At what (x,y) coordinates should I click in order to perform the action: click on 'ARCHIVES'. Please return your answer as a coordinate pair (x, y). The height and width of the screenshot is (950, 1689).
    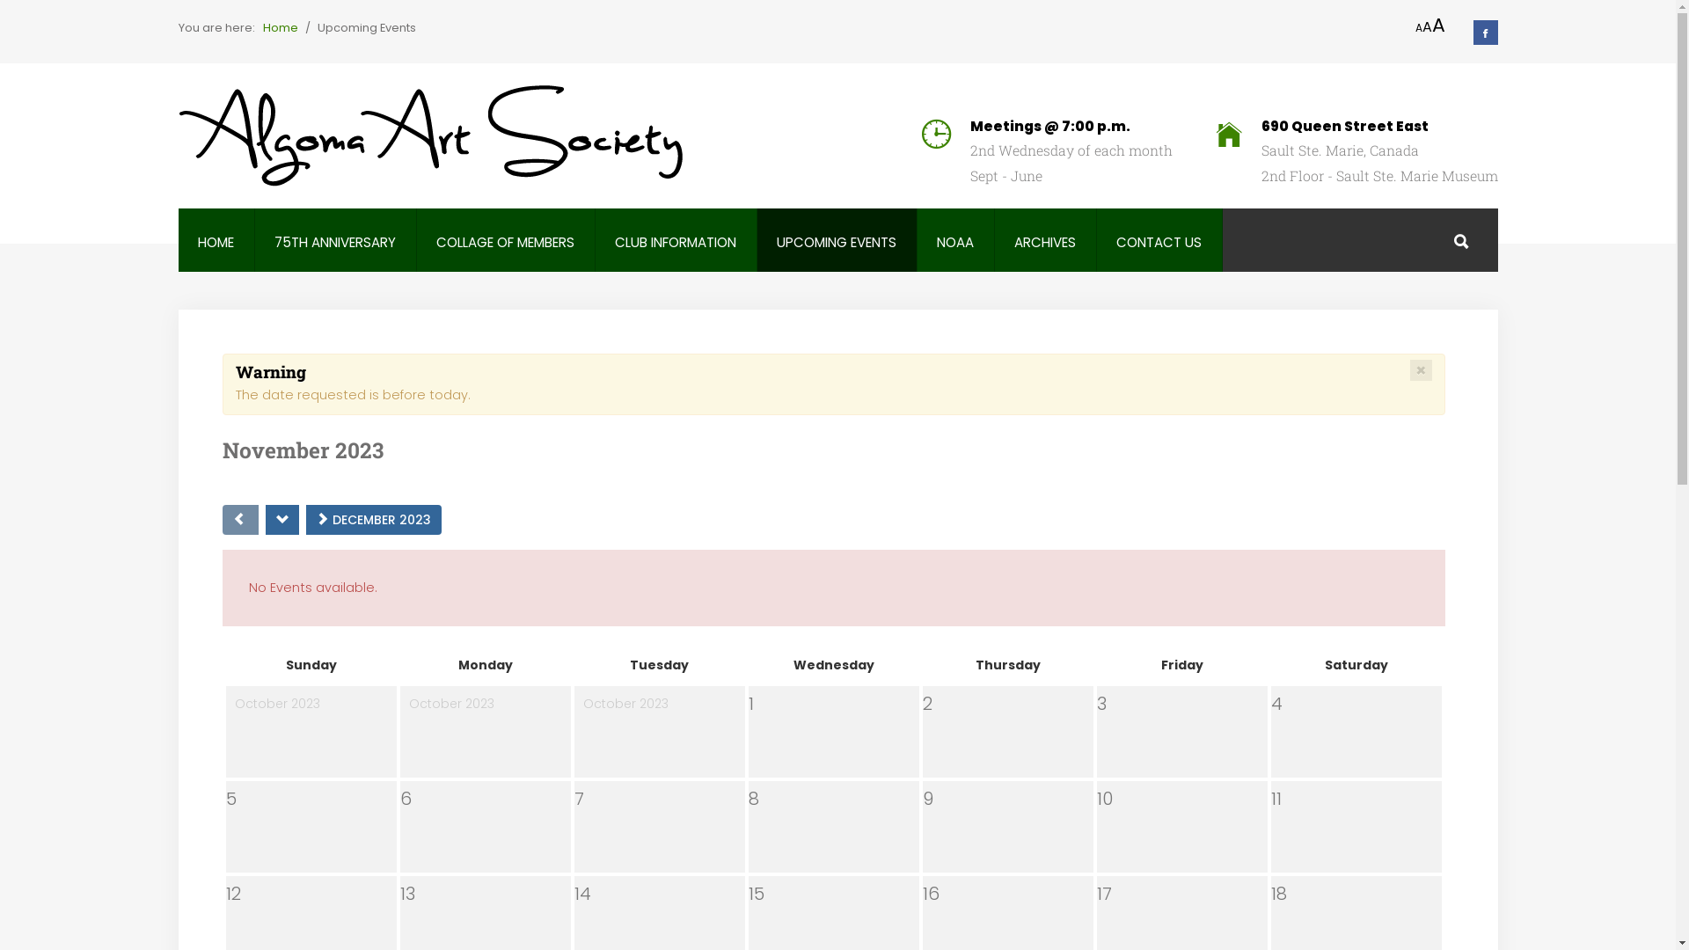
    Looking at the image, I should click on (1044, 242).